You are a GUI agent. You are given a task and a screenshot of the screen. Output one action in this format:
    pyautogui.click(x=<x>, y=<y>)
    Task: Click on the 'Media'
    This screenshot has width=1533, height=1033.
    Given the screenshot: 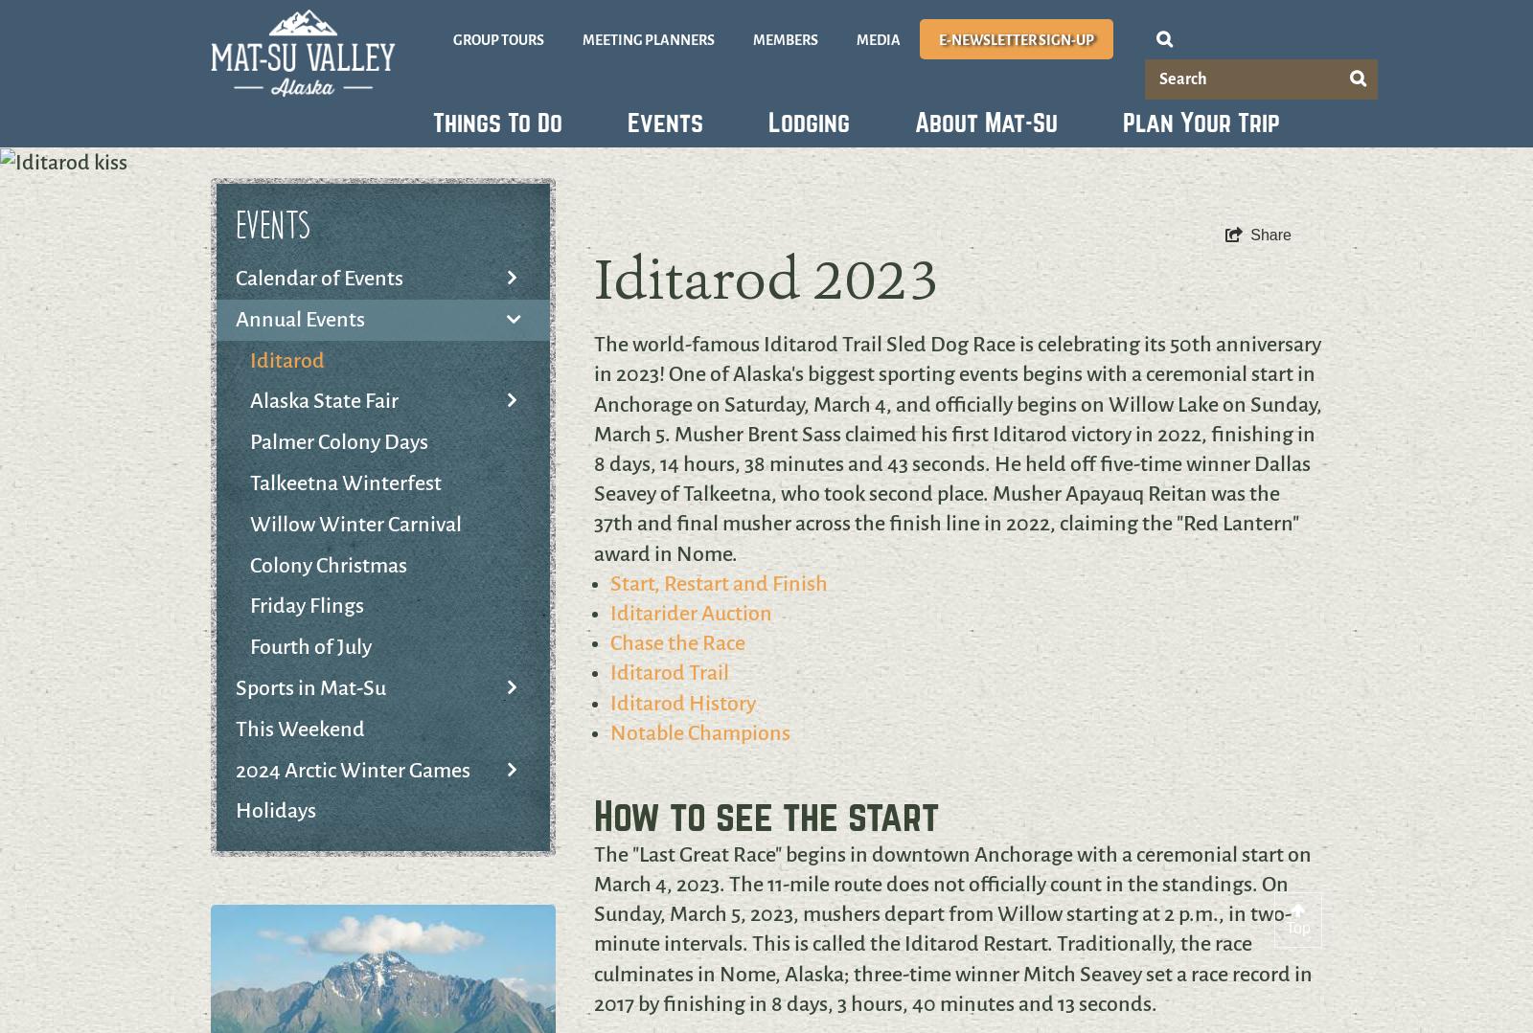 What is the action you would take?
    pyautogui.click(x=877, y=39)
    